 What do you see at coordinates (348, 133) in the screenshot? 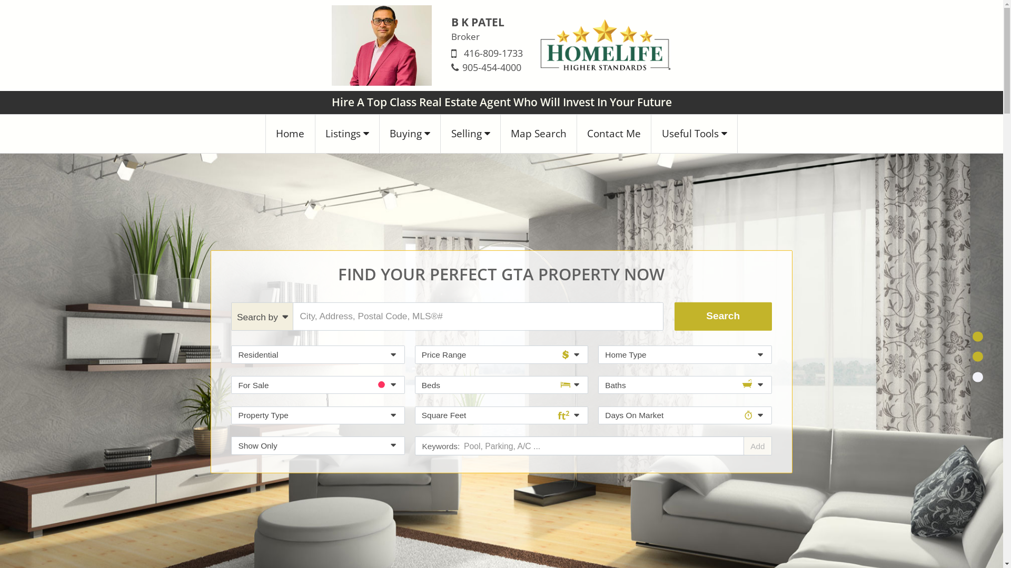
I see `'Listings'` at bounding box center [348, 133].